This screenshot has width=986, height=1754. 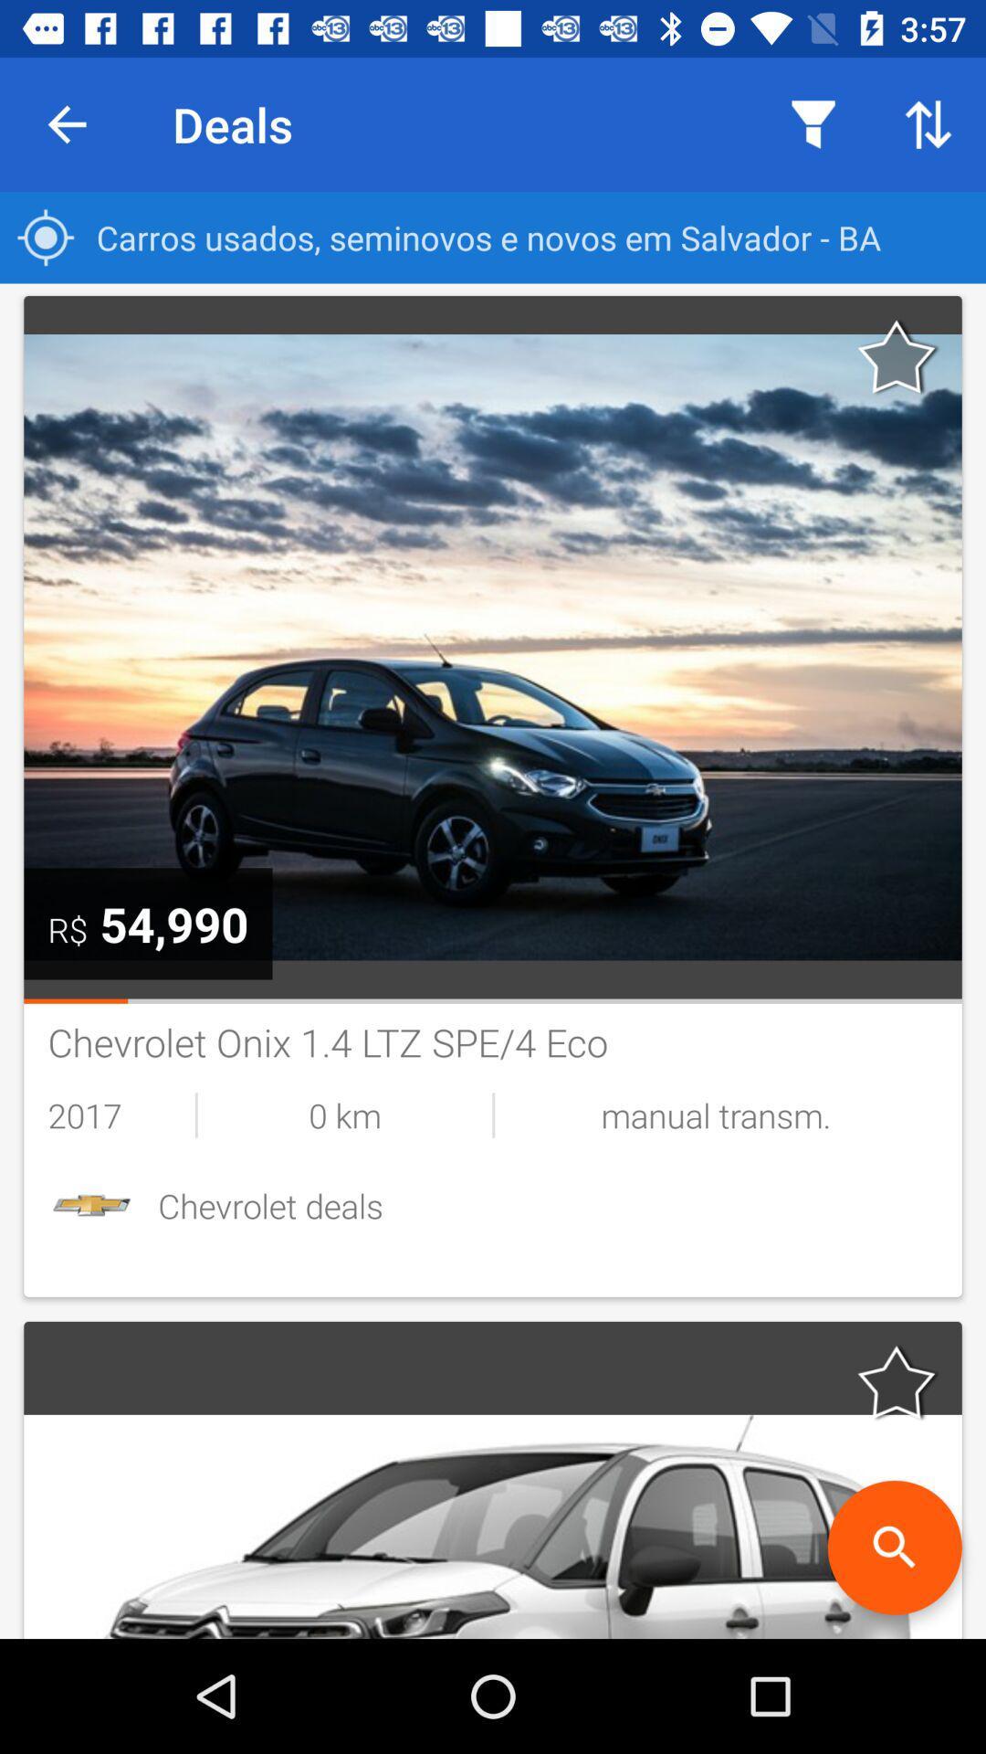 What do you see at coordinates (894, 1547) in the screenshot?
I see `new search` at bounding box center [894, 1547].